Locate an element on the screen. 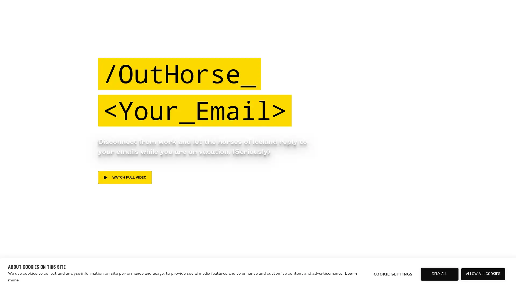 This screenshot has width=516, height=290. ALLOW ALL COOKIES is located at coordinates (483, 274).